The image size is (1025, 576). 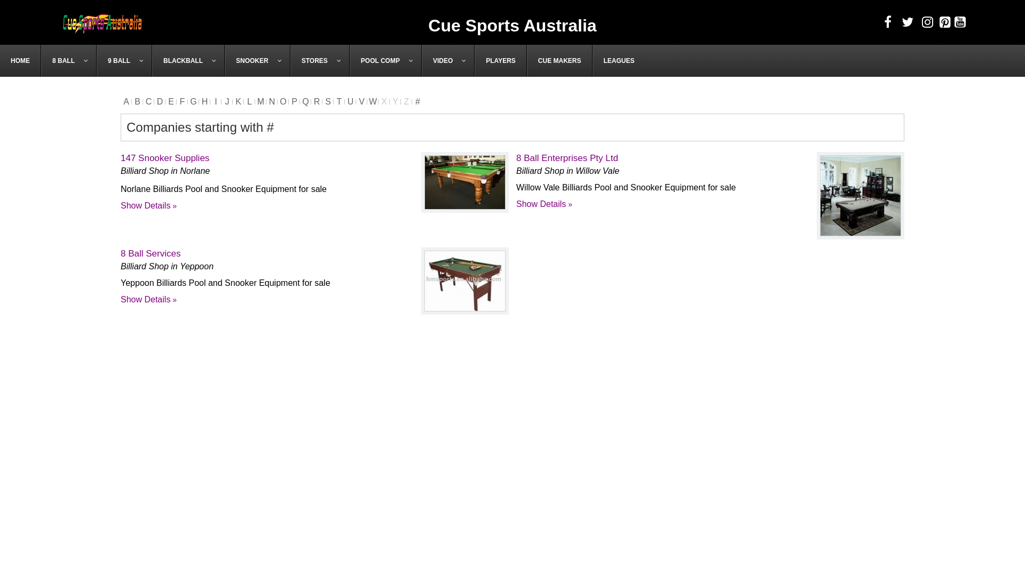 I want to click on 'P', so click(x=294, y=101).